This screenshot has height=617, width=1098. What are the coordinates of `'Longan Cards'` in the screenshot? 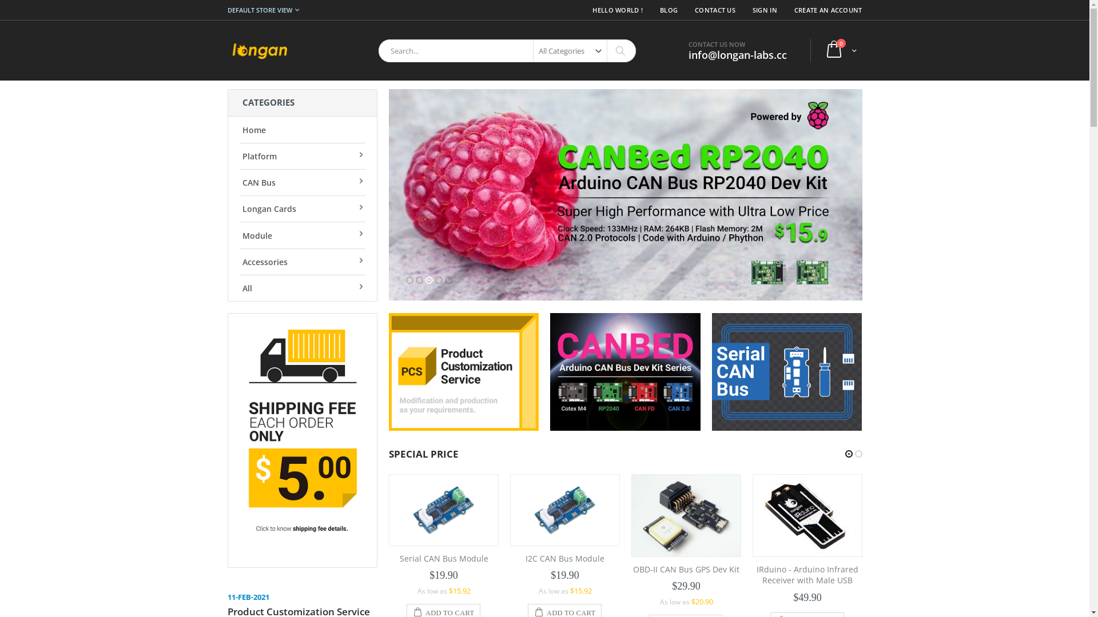 It's located at (302, 209).